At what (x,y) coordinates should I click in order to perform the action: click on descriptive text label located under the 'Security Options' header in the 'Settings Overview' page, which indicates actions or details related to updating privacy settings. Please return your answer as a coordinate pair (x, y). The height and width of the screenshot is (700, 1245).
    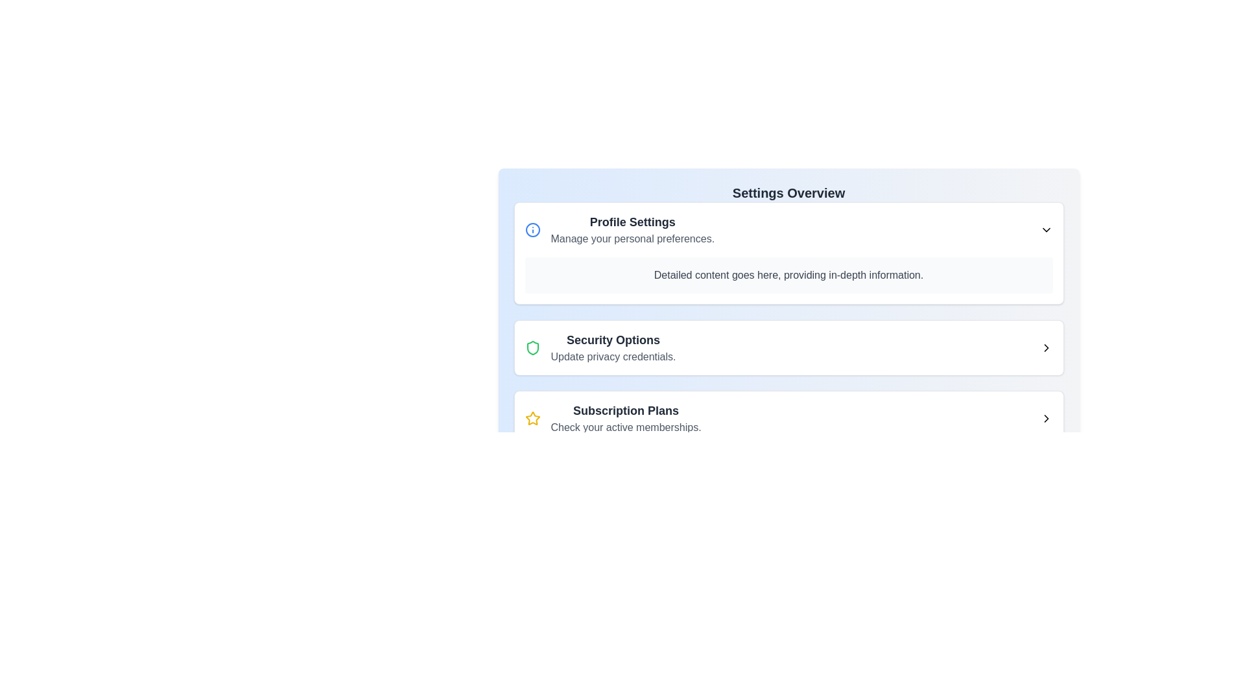
    Looking at the image, I should click on (612, 357).